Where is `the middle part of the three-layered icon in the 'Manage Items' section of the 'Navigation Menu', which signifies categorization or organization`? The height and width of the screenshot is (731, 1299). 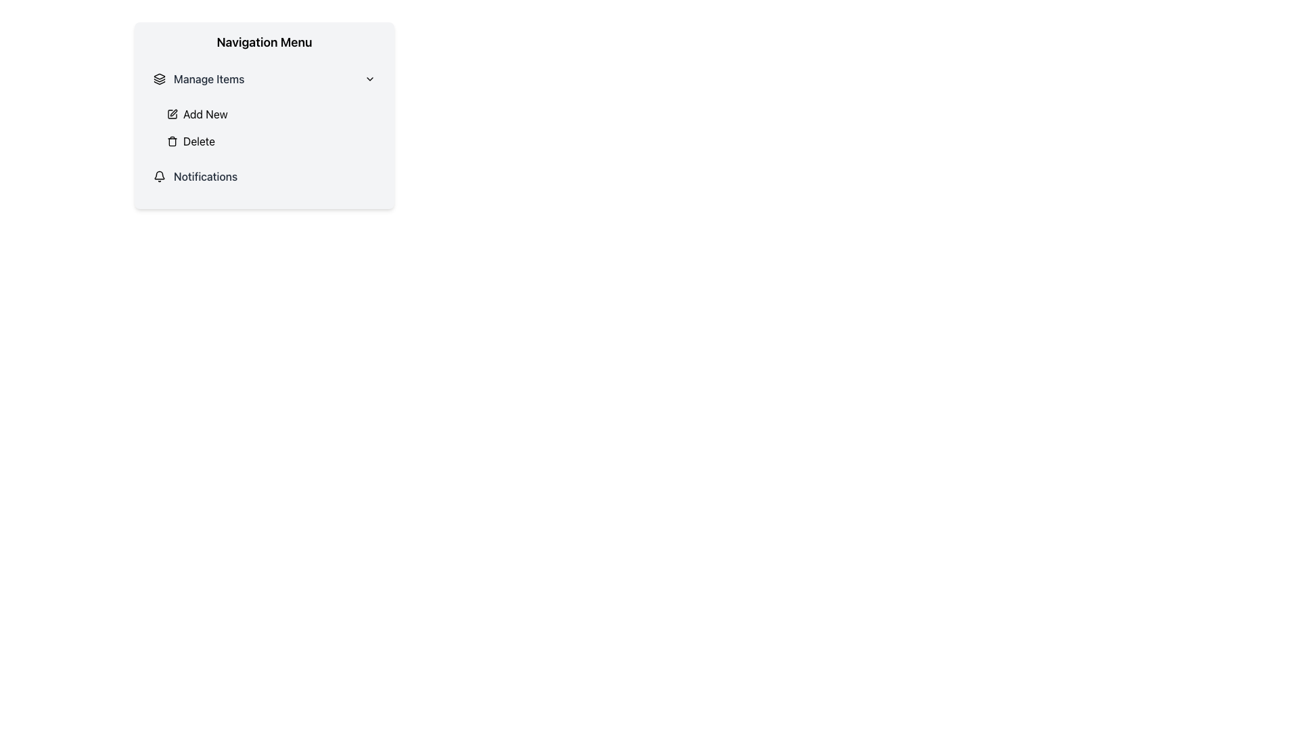 the middle part of the three-layered icon in the 'Manage Items' section of the 'Navigation Menu', which signifies categorization or organization is located at coordinates (159, 80).